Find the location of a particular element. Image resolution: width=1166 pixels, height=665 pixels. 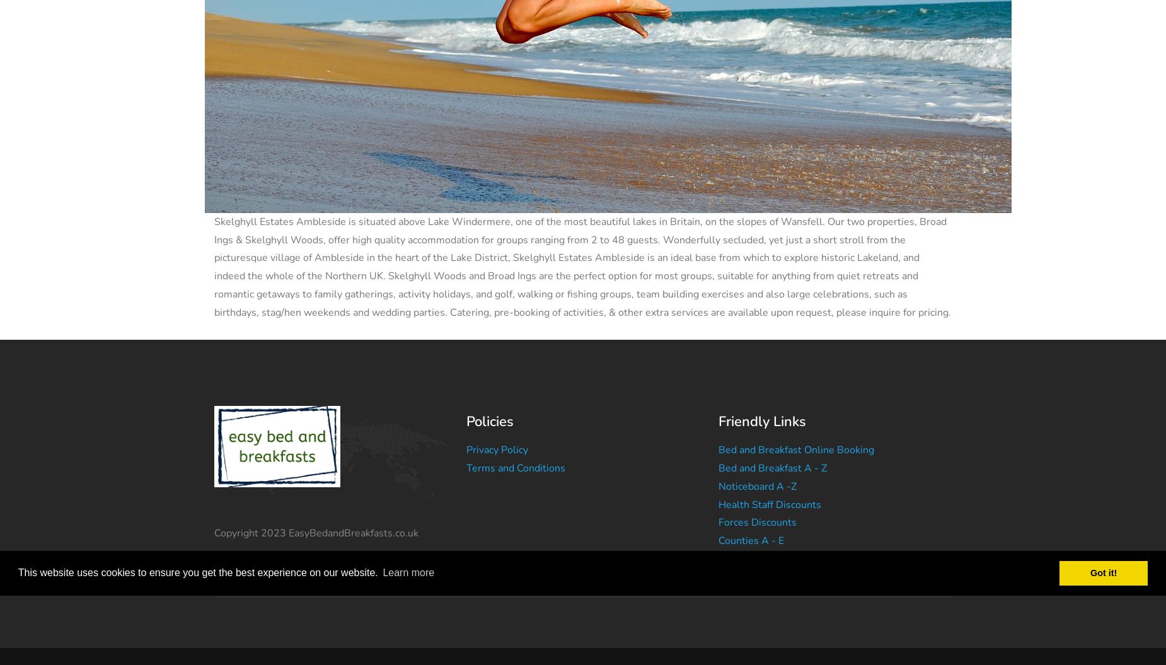

'Forces Discounts' is located at coordinates (717, 523).